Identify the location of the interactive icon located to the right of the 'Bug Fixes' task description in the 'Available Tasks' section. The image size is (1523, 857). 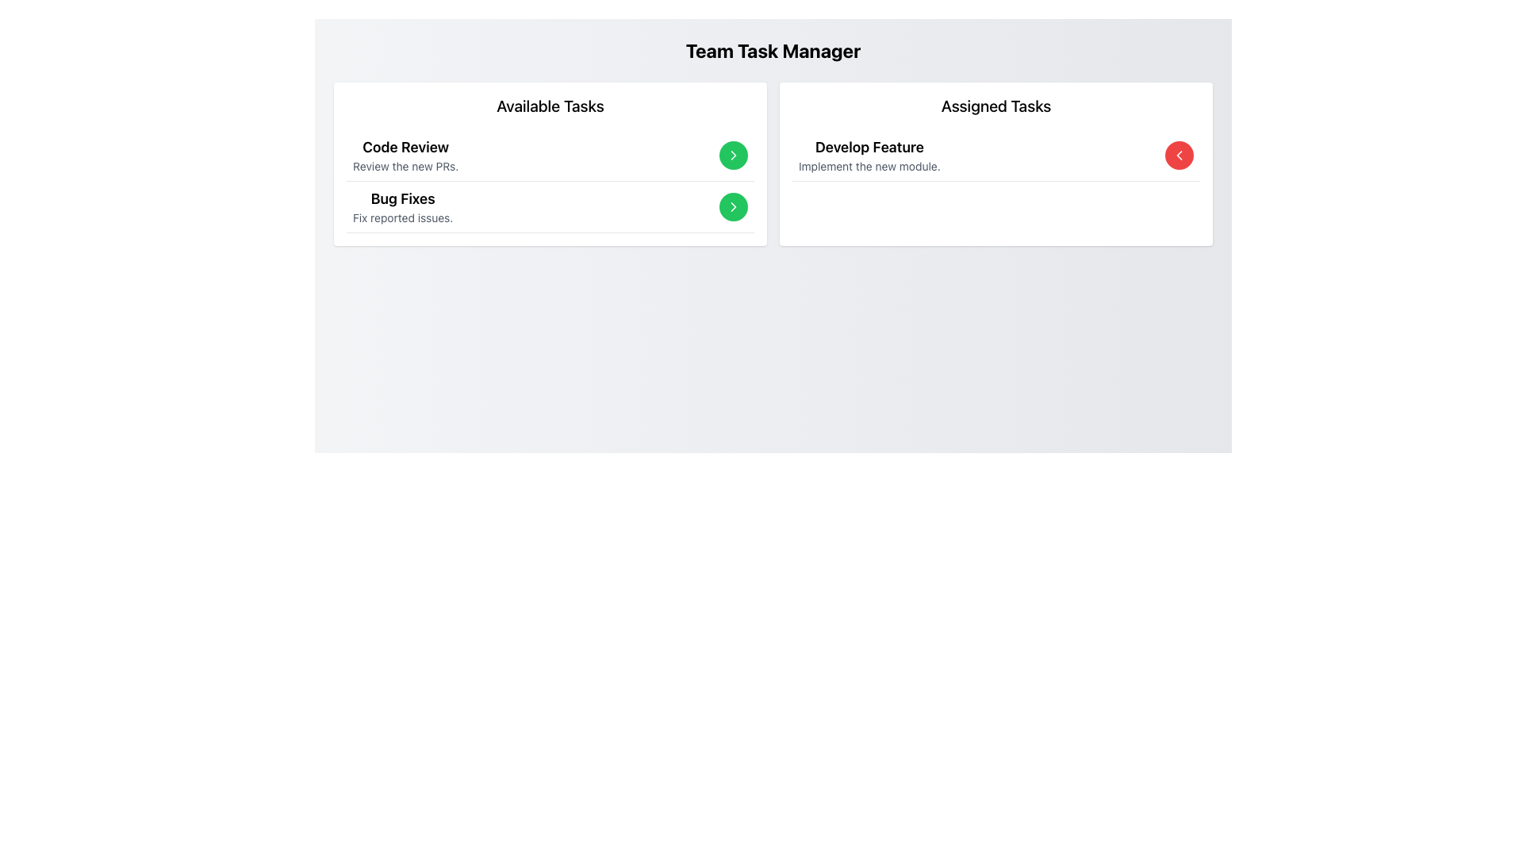
(733, 156).